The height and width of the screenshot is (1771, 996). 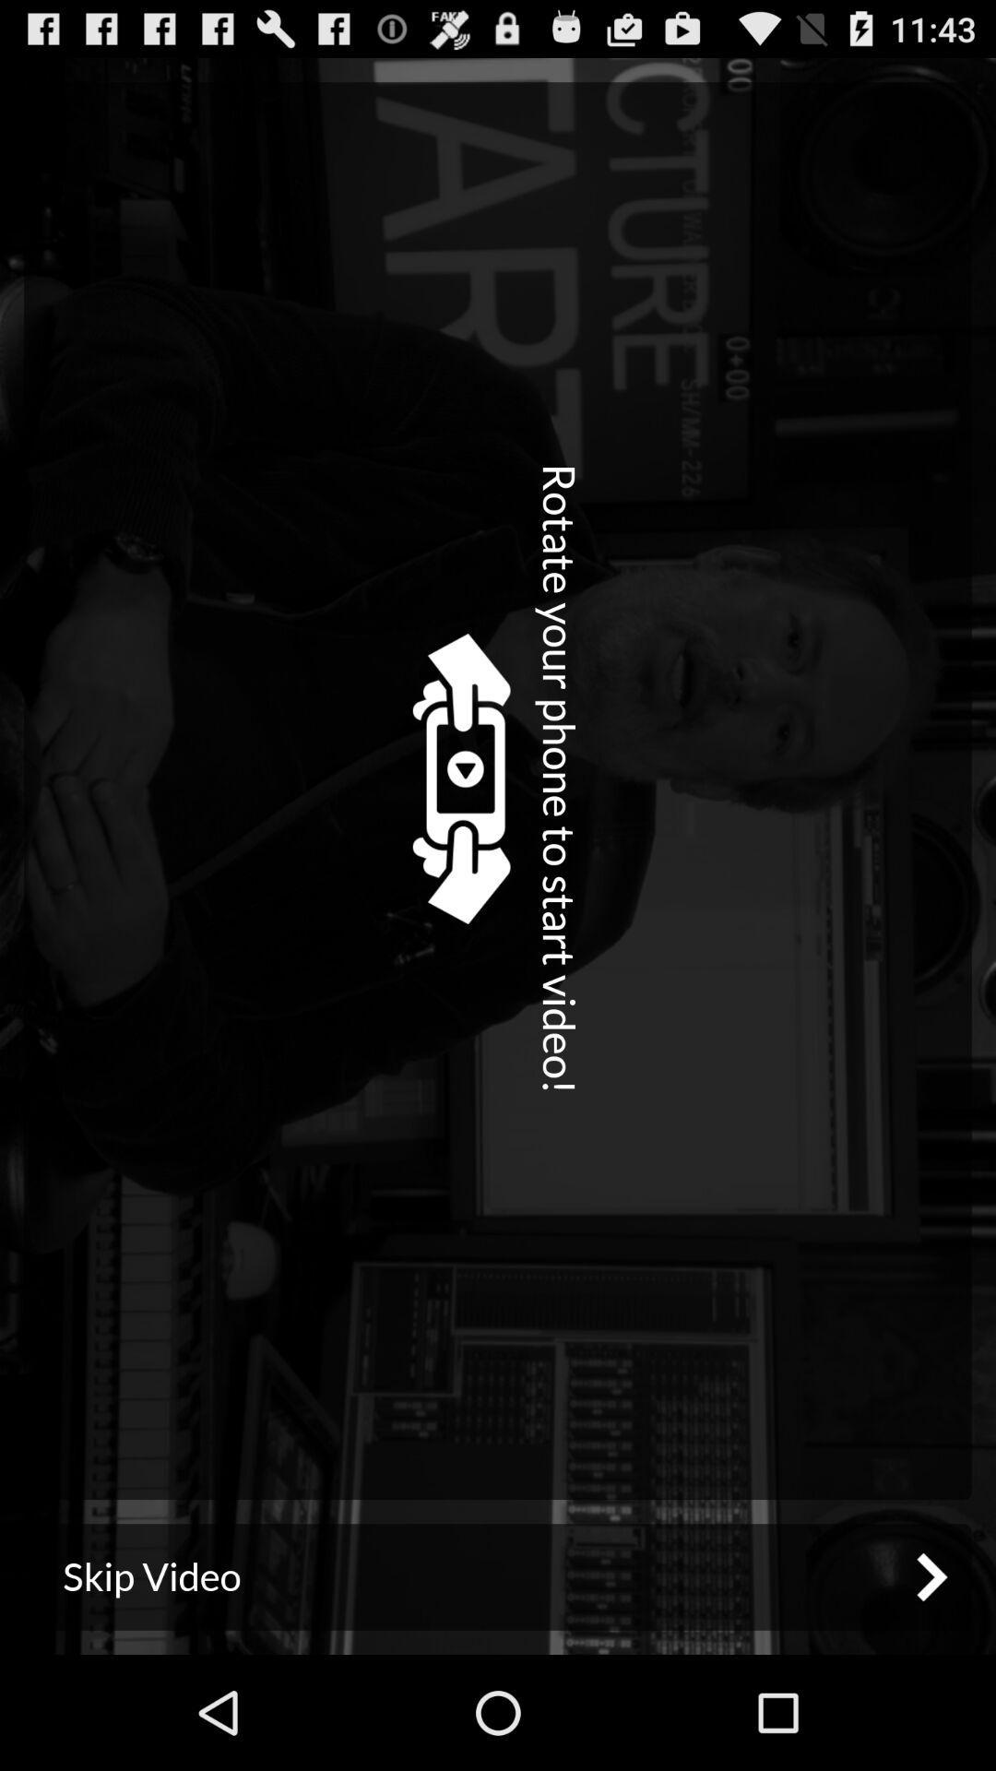 I want to click on skip video icon, so click(x=498, y=1575).